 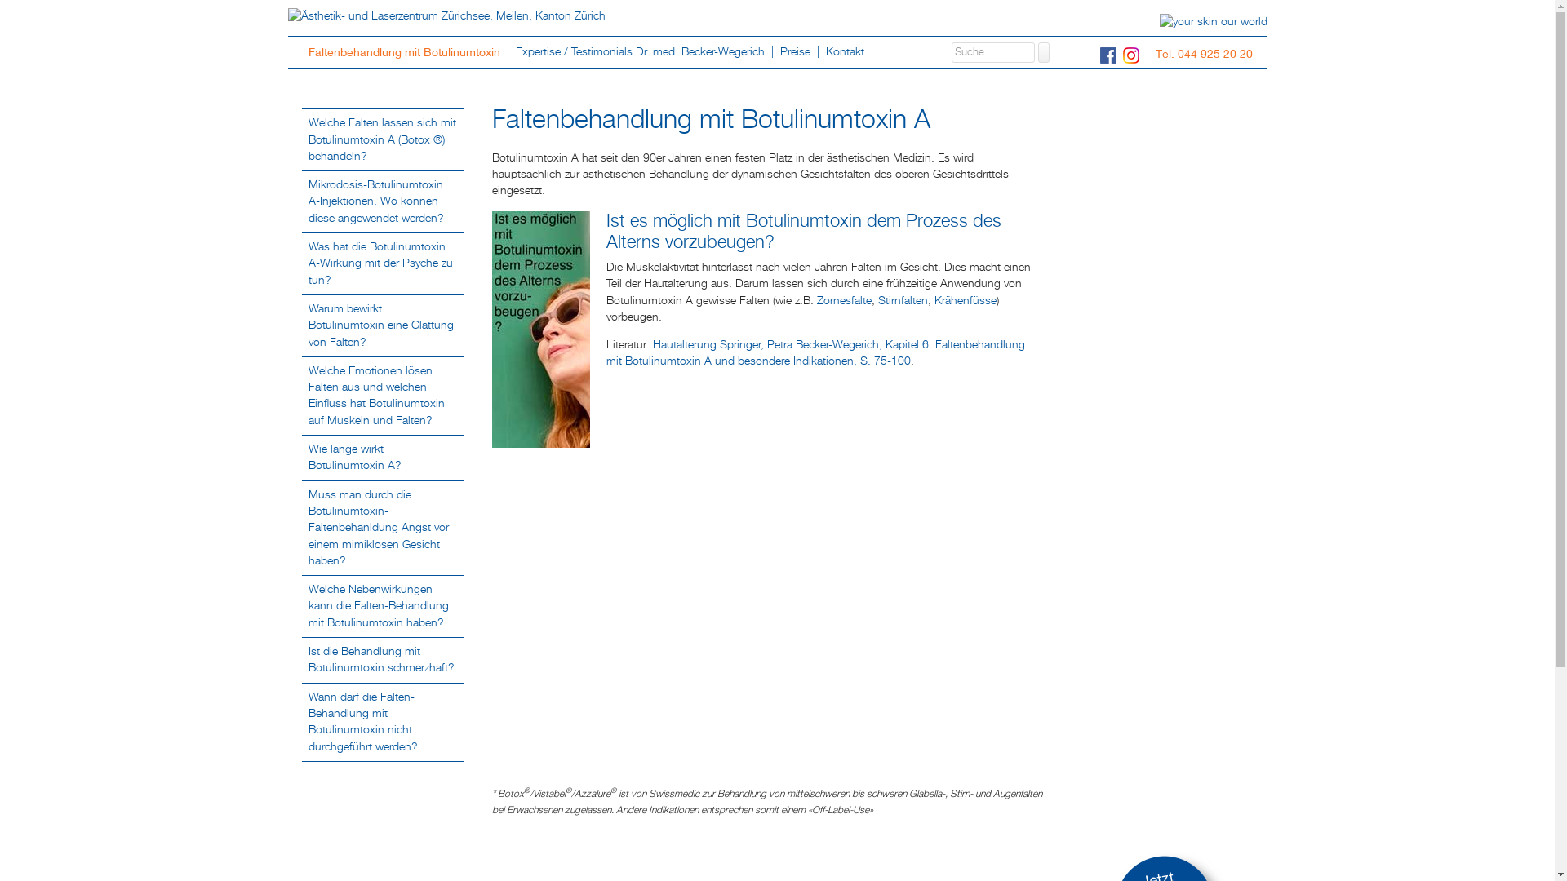 I want to click on 'Zornesfalte', so click(x=843, y=301).